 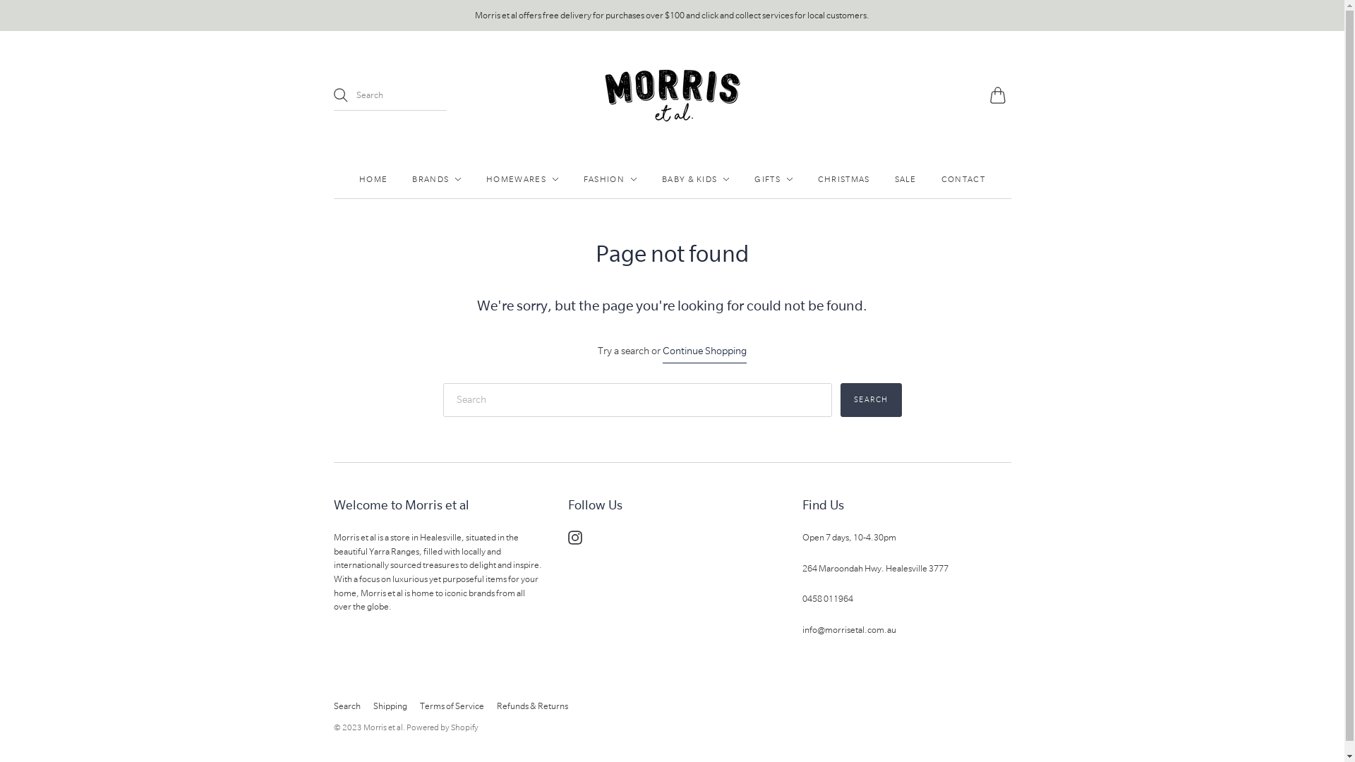 I want to click on 'GIFTS', so click(x=773, y=179).